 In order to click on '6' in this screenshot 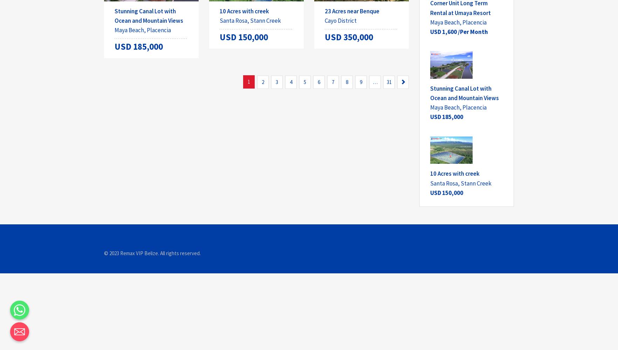, I will do `click(319, 82)`.